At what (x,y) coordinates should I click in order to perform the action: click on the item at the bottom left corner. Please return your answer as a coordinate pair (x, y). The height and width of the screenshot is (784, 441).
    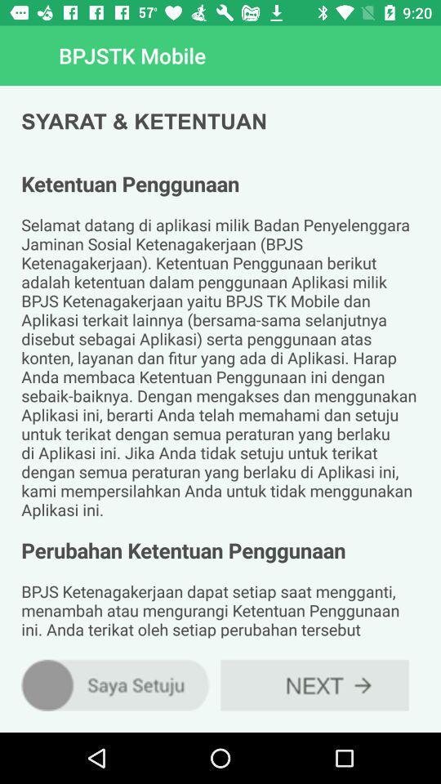
    Looking at the image, I should click on (114, 685).